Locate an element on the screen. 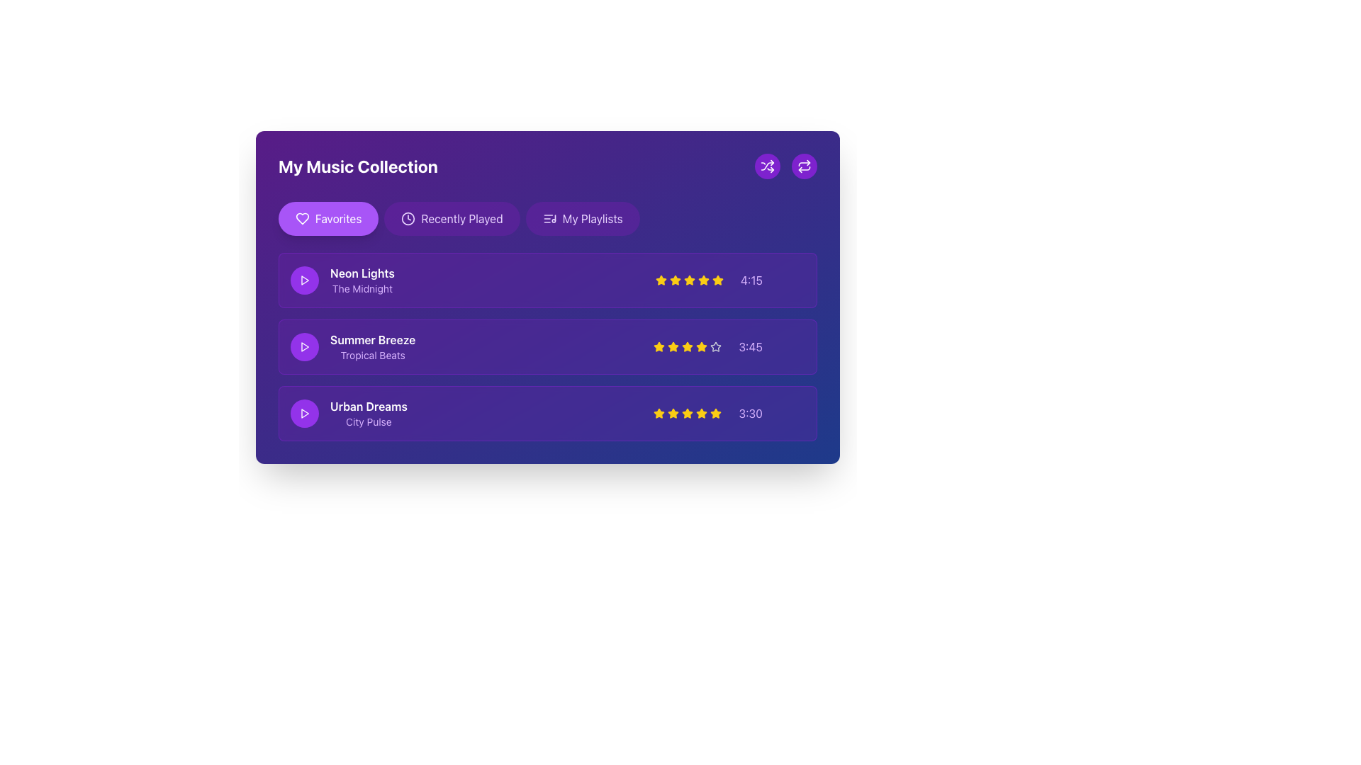 Image resolution: width=1361 pixels, height=765 pixels. the fourth yellow star icon in the rating section of the 'Summer Breeze' playlist is located at coordinates (688, 346).